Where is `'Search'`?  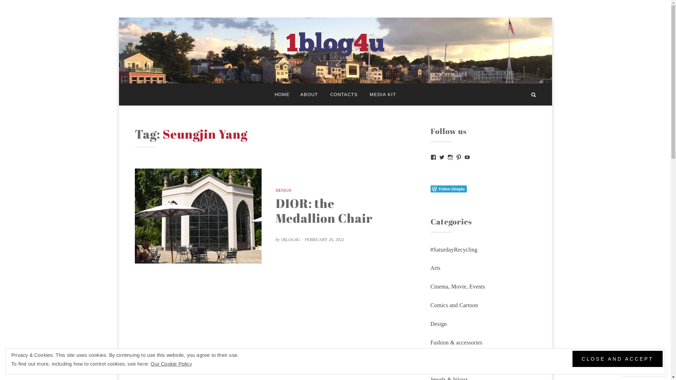 'Search' is located at coordinates (533, 94).